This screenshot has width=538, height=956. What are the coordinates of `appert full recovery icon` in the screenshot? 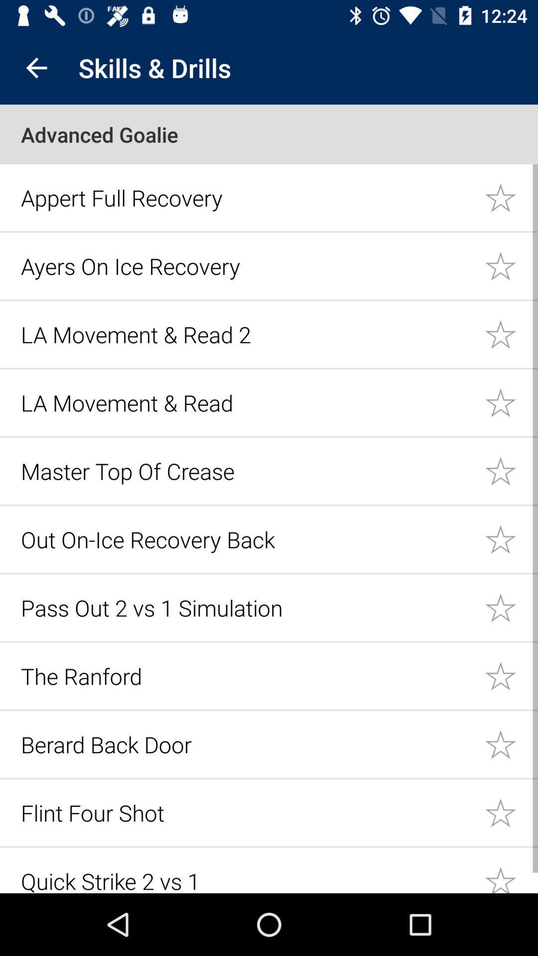 It's located at (247, 198).